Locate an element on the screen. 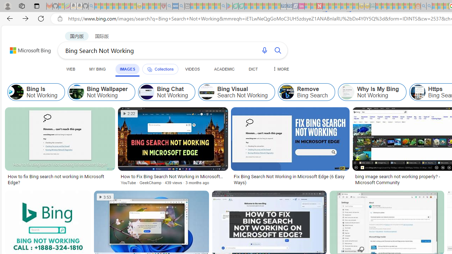 This screenshot has width=452, height=254. 'Dropdown Menu' is located at coordinates (280, 69).